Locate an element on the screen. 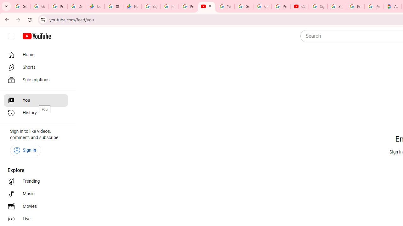  'YouTube' is located at coordinates (225, 6).